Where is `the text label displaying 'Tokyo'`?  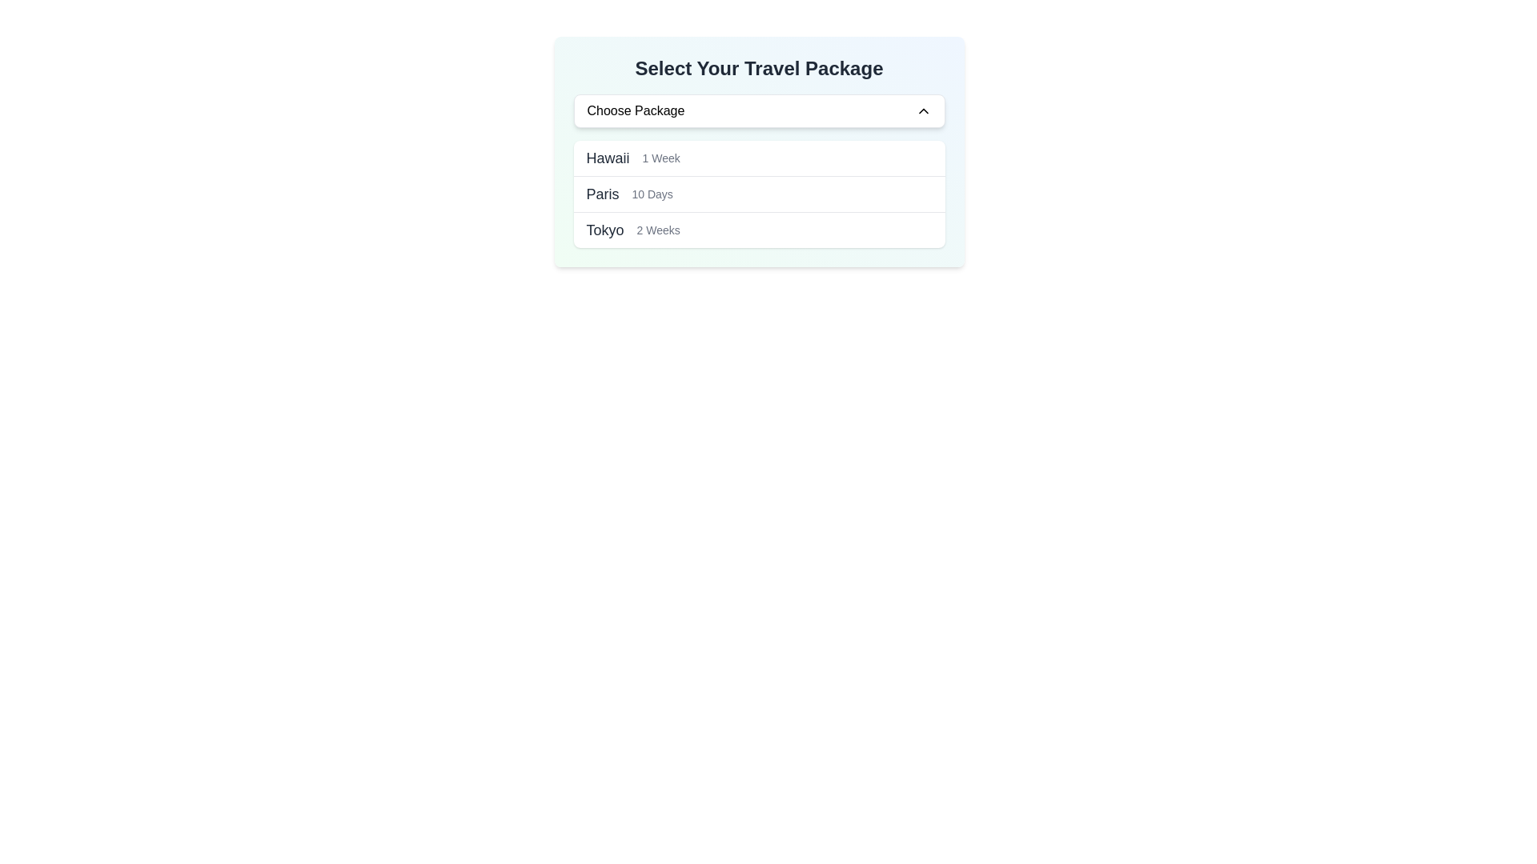 the text label displaying 'Tokyo' is located at coordinates (604, 230).